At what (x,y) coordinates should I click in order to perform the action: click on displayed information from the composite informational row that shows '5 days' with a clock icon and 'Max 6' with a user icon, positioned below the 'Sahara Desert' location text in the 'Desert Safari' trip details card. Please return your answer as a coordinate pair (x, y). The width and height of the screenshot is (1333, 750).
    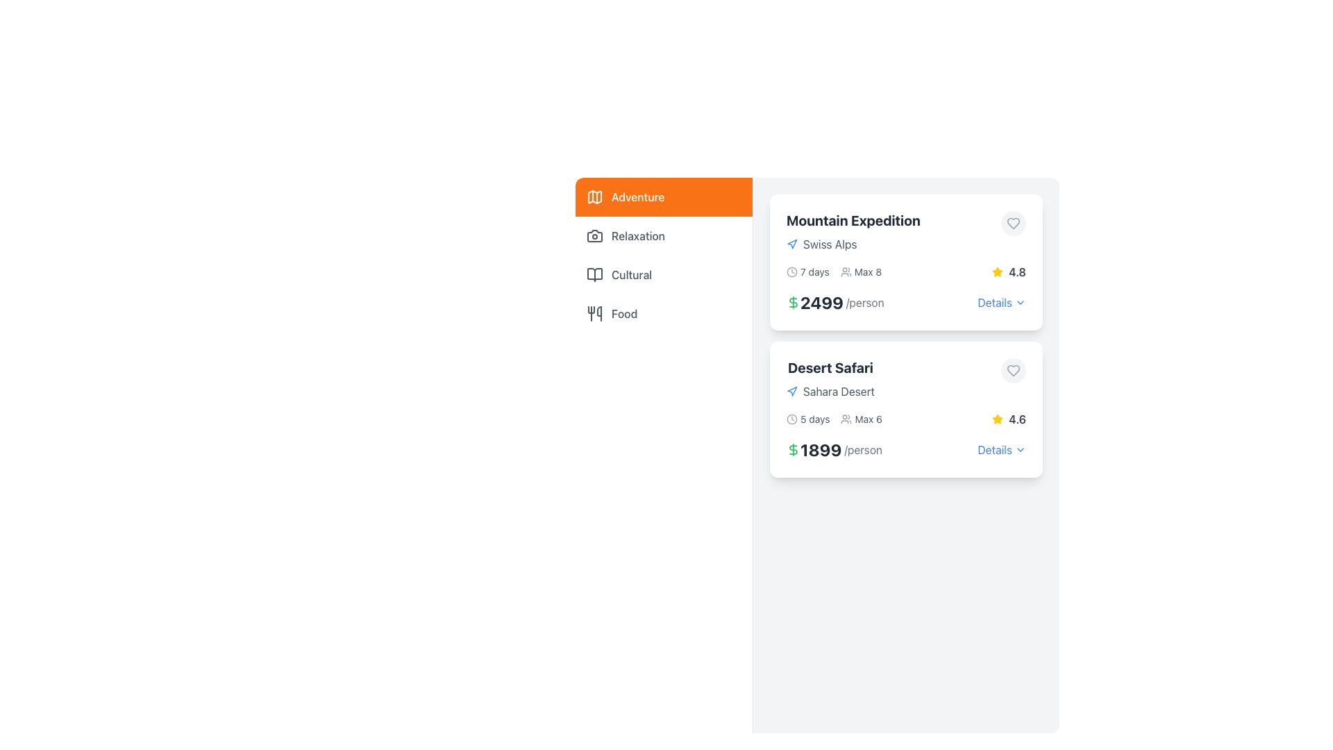
    Looking at the image, I should click on (833, 419).